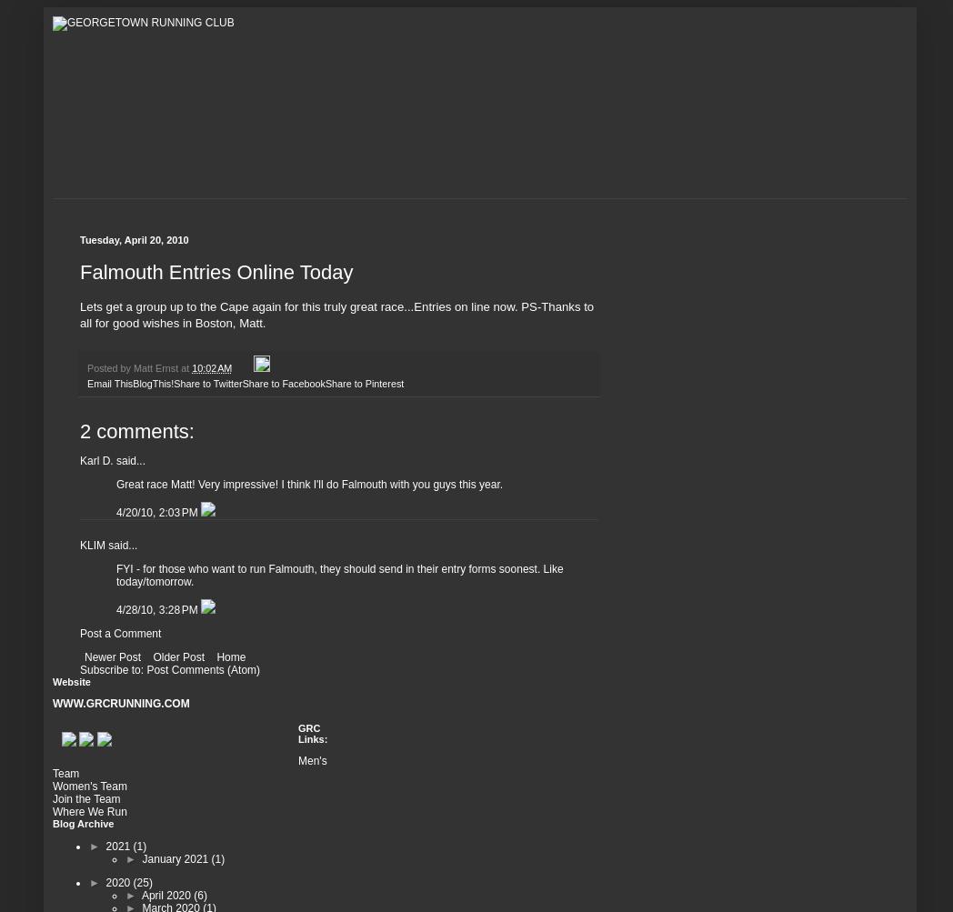 Image resolution: width=953 pixels, height=912 pixels. I want to click on 'Older Post', so click(177, 655).